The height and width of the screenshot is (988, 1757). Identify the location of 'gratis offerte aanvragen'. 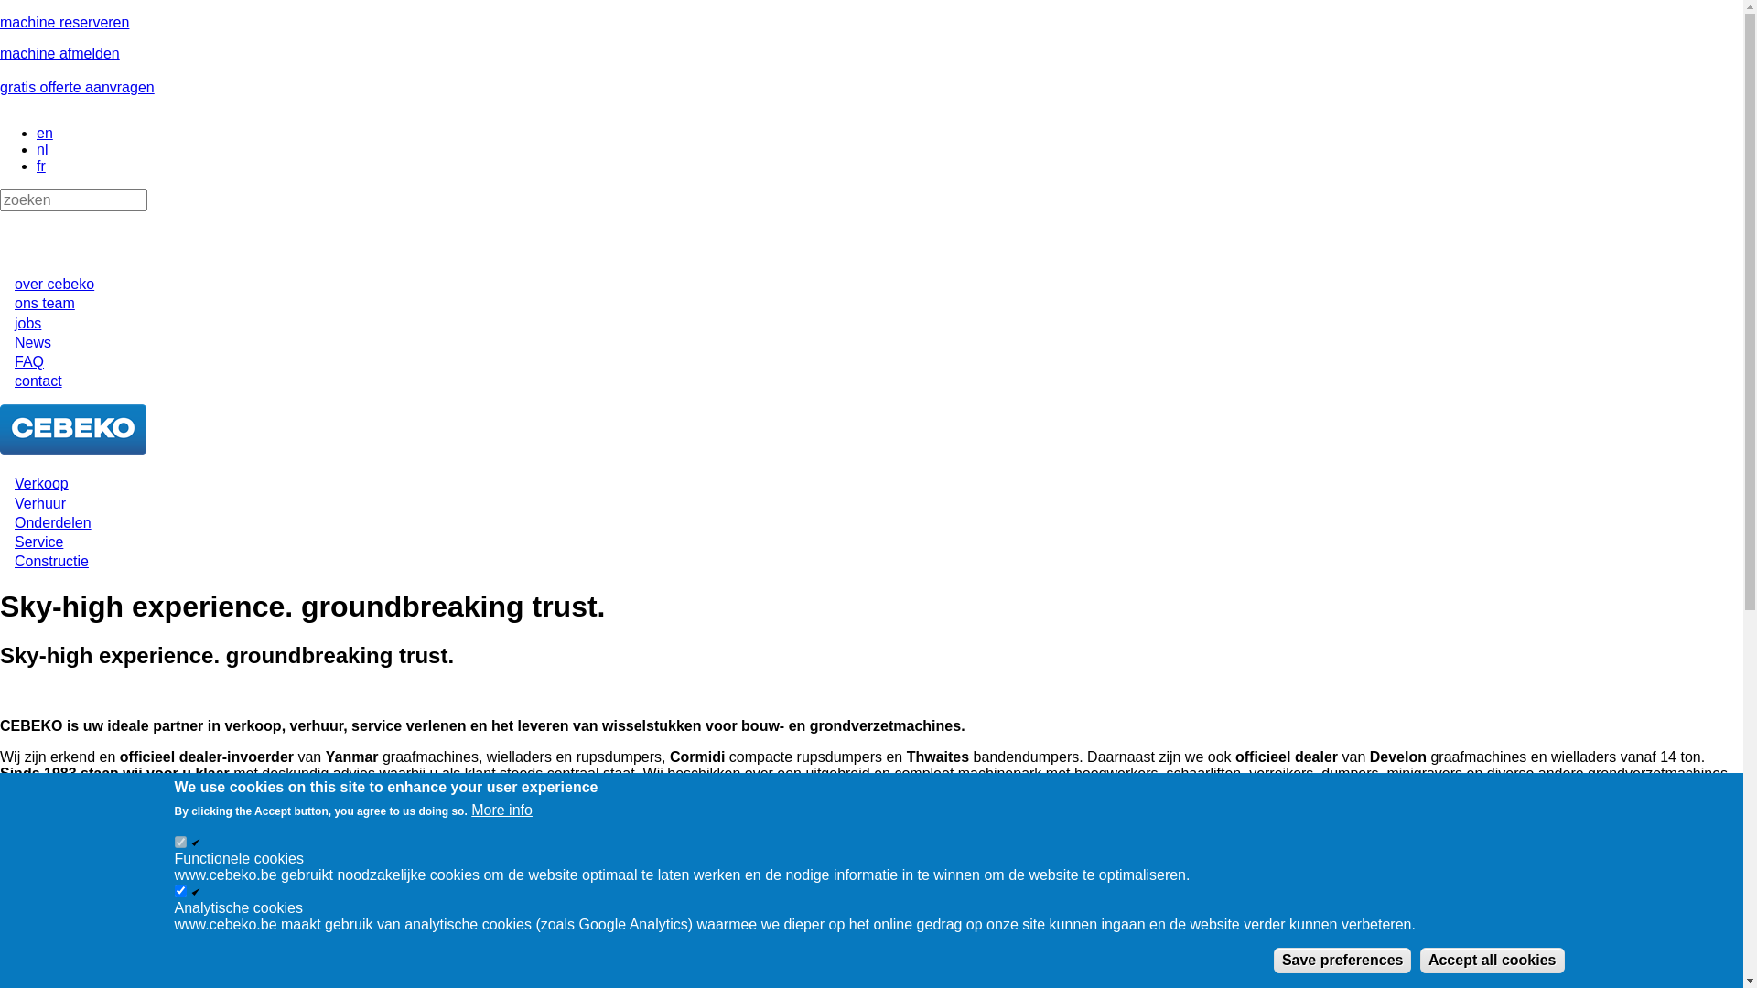
(76, 87).